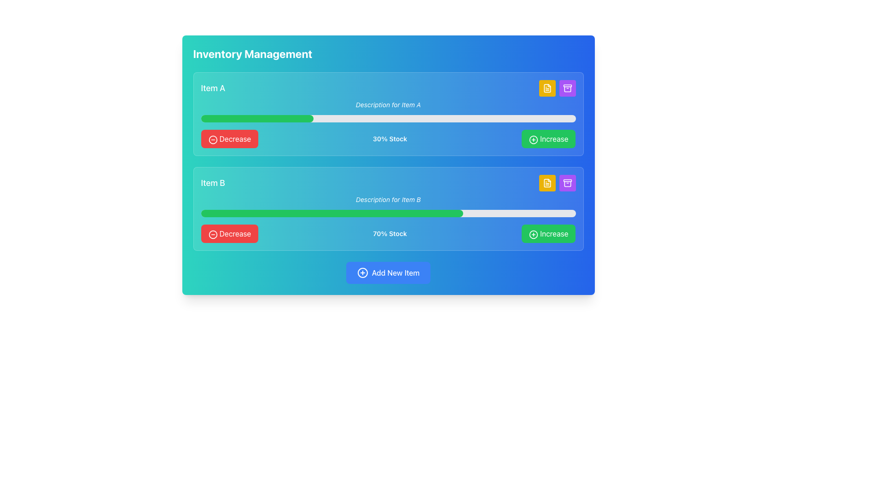  Describe the element at coordinates (547, 88) in the screenshot. I see `the file icon, which is styled as a flat yellow document outline with a folded corner, located in the top-right corner of the 'Item A' section within a yellow square button` at that location.